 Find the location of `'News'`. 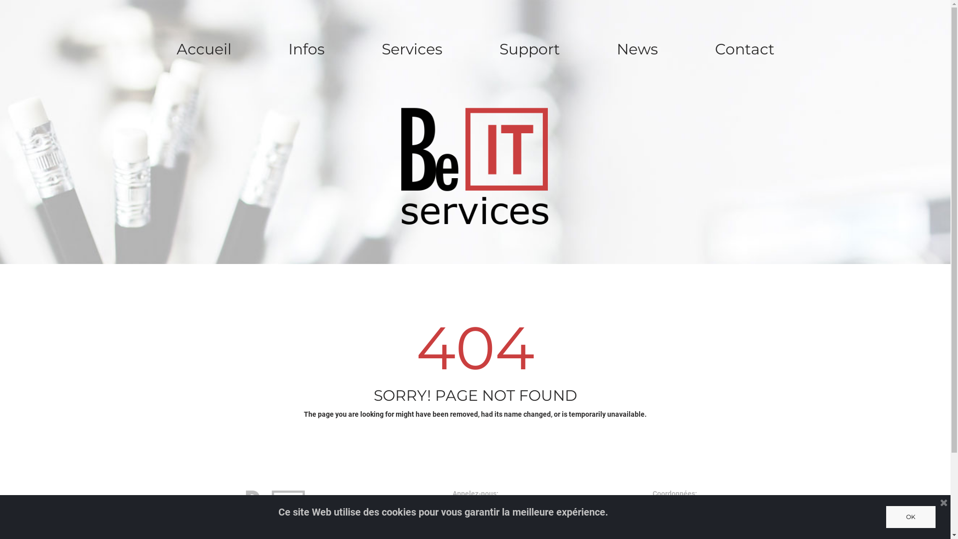

'News' is located at coordinates (636, 49).